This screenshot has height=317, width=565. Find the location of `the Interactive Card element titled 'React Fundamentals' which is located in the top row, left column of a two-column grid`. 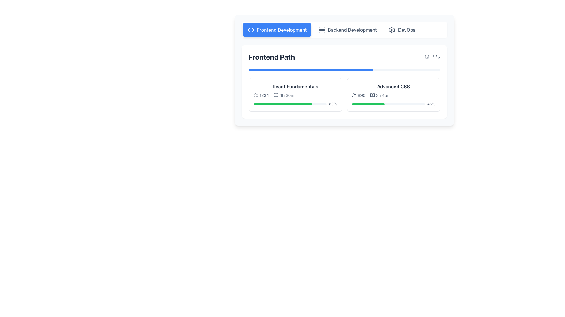

the Interactive Card element titled 'React Fundamentals' which is located in the top row, left column of a two-column grid is located at coordinates (295, 95).